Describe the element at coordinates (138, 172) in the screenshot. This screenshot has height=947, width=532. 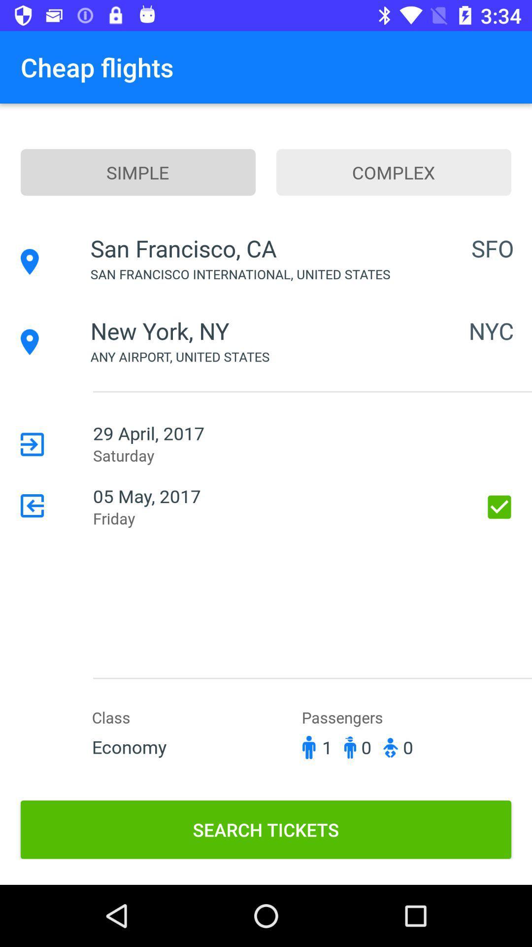
I see `simple` at that location.